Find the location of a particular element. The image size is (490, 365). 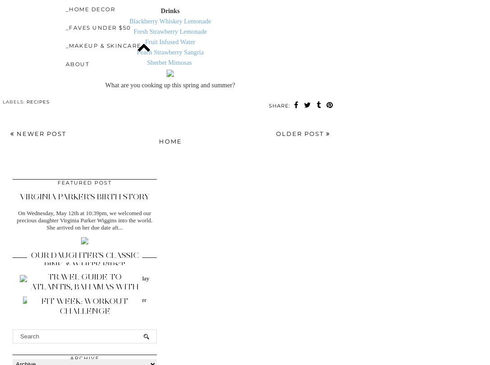

'How We Organized the Nursery' is located at coordinates (84, 277).